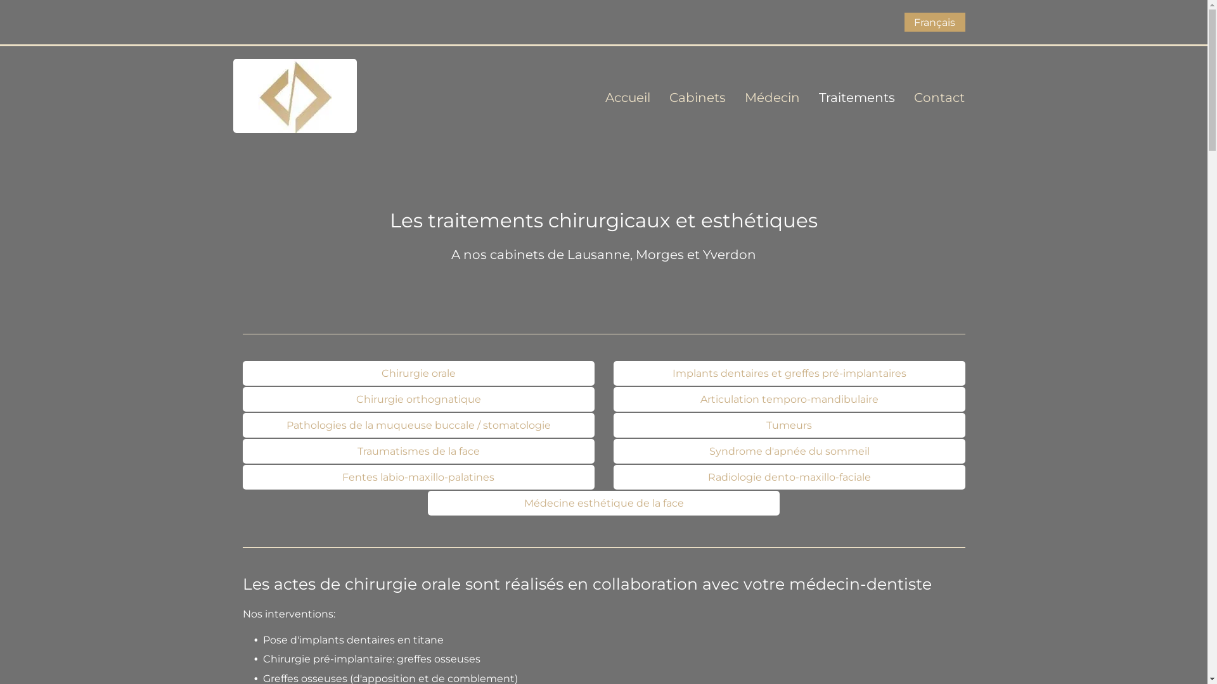 The image size is (1217, 684). Describe the element at coordinates (789, 477) in the screenshot. I see `'Radiologie dento-maxillo-faciale'` at that location.